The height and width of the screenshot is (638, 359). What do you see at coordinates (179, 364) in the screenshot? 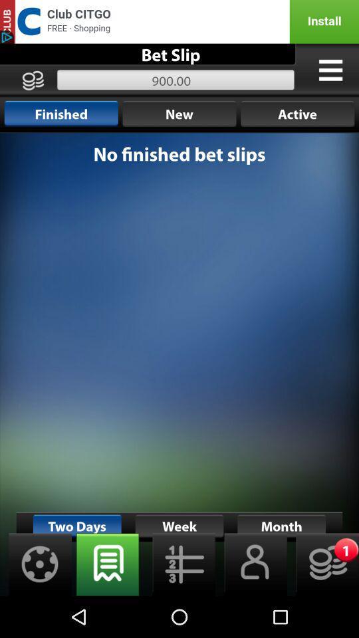
I see `main interface` at bounding box center [179, 364].